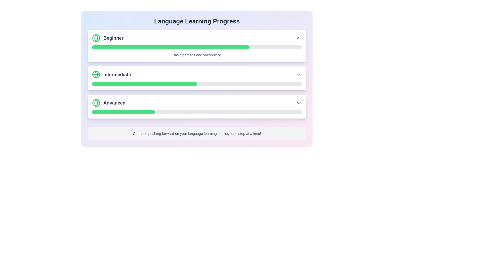 This screenshot has width=495, height=278. Describe the element at coordinates (96, 103) in the screenshot. I see `the circular globe icon that is part of the 'Advanced' section, located to the left of the label 'Advanced'` at that location.